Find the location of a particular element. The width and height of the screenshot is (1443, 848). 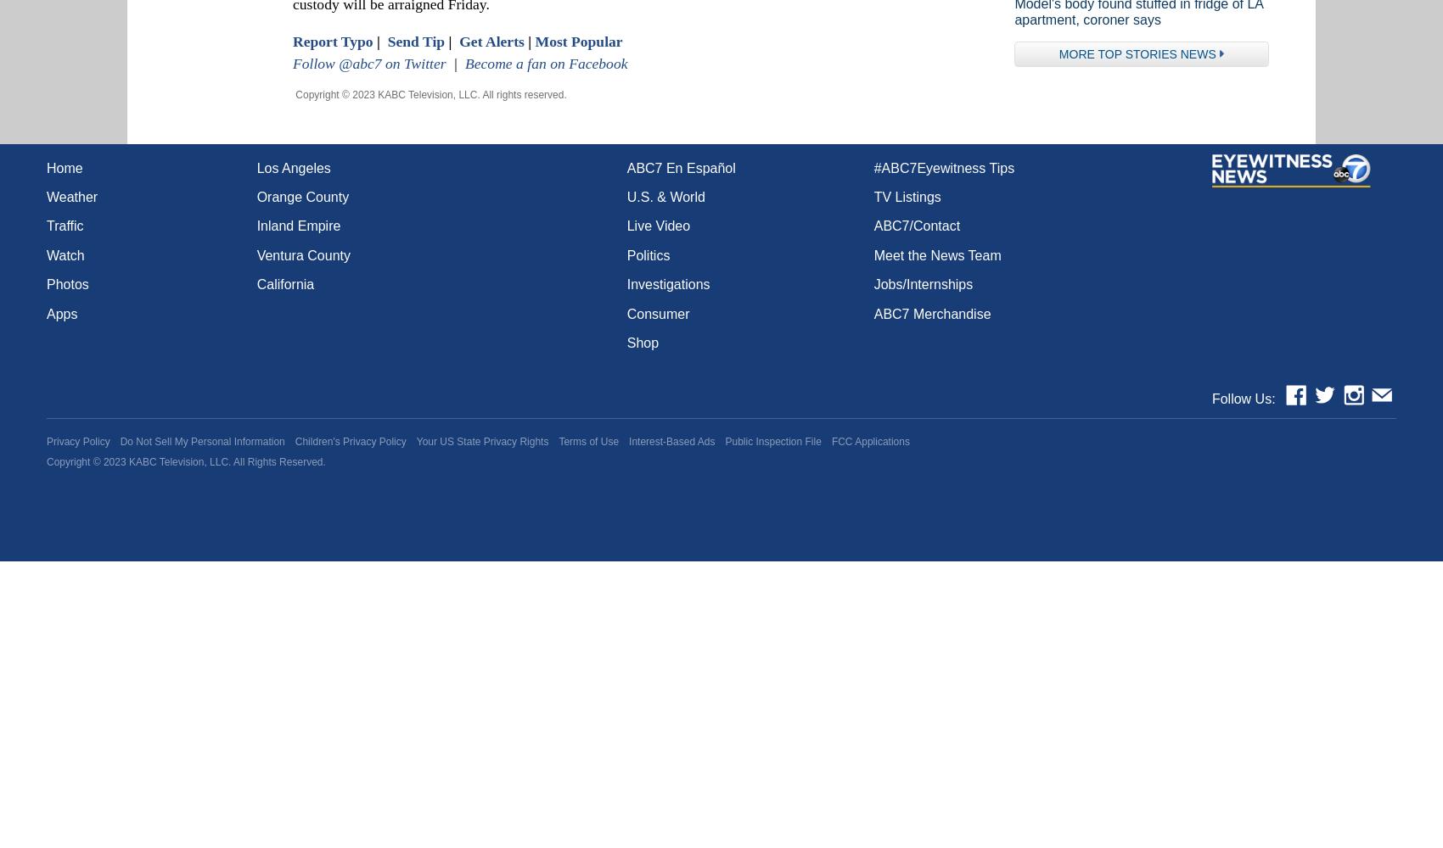

'Interest-Based Ads' is located at coordinates (671, 441).